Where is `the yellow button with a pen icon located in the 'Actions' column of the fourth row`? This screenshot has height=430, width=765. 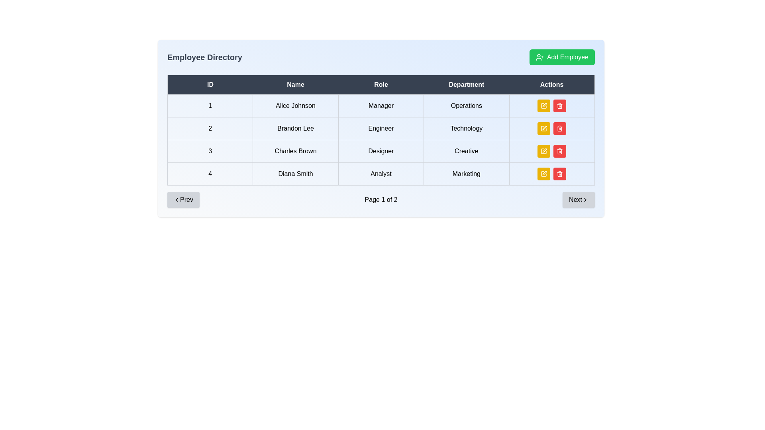
the yellow button with a pen icon located in the 'Actions' column of the fourth row is located at coordinates (543, 173).